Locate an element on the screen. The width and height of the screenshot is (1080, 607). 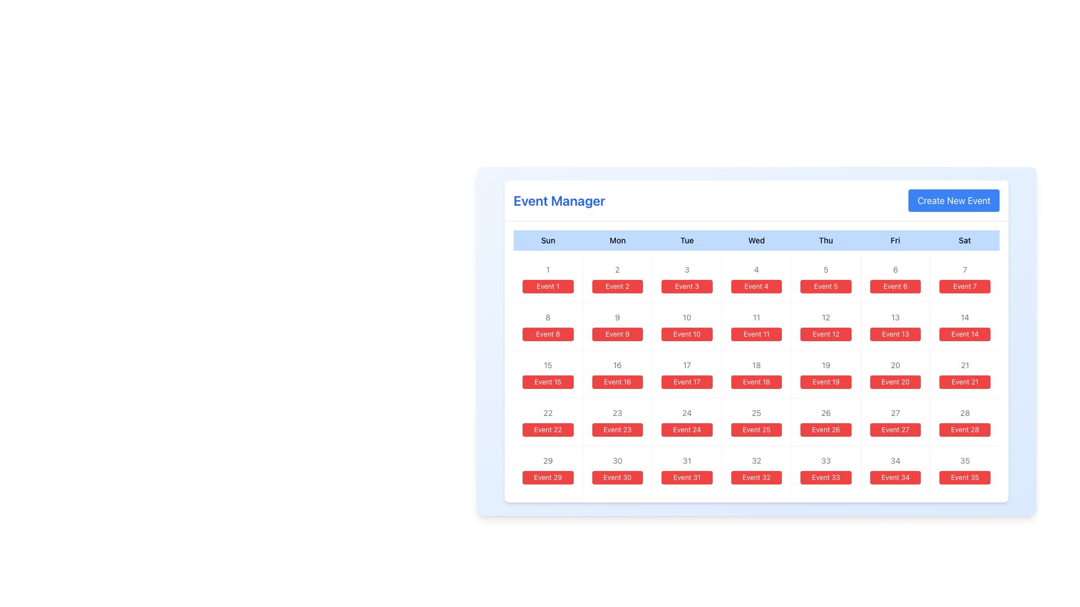
the red rectangular button labeled 'Event 11' located below the 'Wed' header in the calendar grid layout is located at coordinates (756, 333).